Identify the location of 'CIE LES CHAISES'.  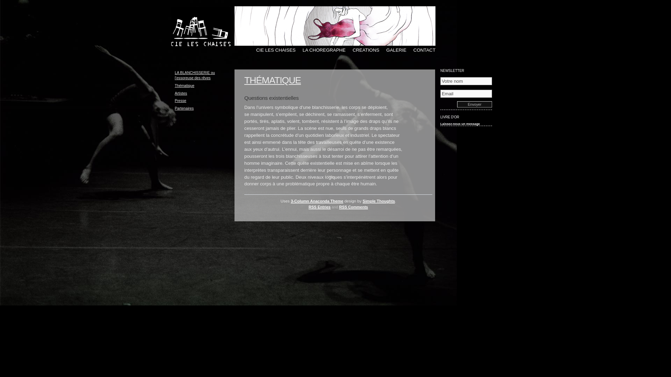
(249, 50).